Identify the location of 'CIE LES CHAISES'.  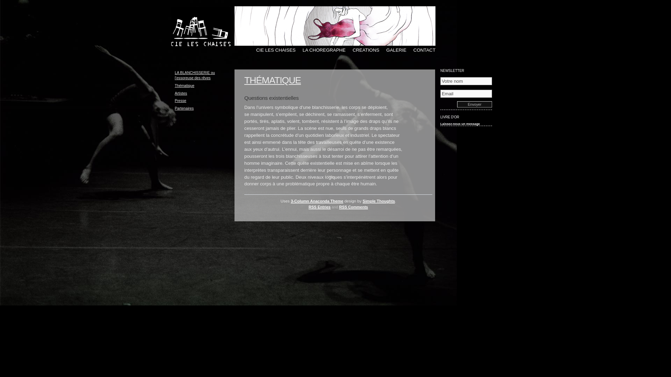
(249, 50).